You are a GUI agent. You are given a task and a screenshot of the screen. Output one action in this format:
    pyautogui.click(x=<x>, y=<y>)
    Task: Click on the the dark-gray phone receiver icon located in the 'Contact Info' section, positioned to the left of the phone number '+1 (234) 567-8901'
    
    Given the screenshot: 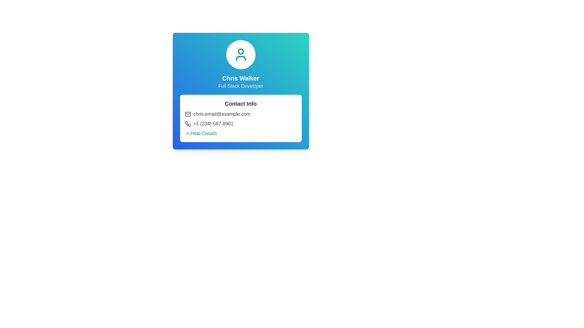 What is the action you would take?
    pyautogui.click(x=187, y=124)
    